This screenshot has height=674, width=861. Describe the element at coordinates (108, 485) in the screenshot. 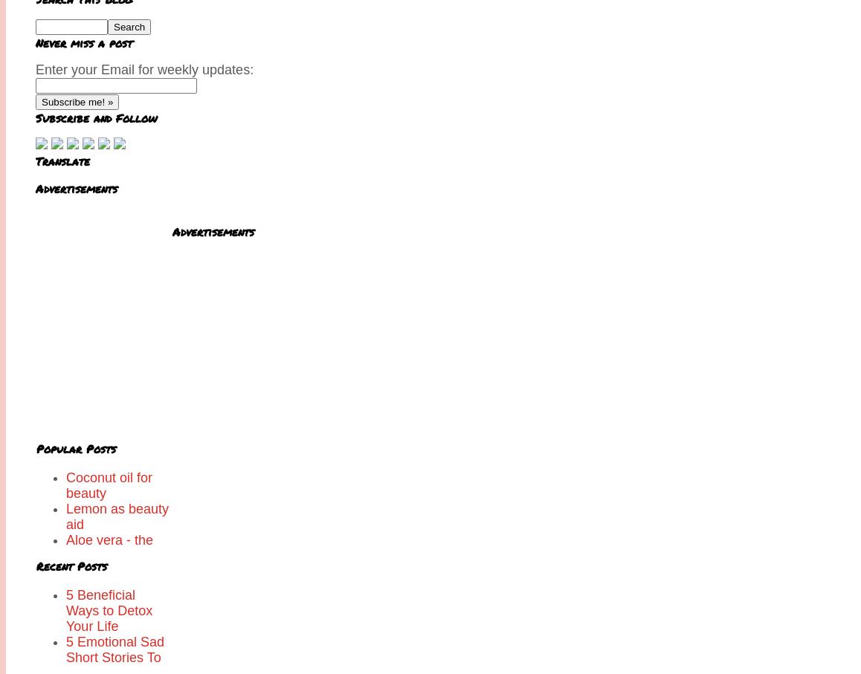

I see `'Coconut oil for beauty'` at that location.